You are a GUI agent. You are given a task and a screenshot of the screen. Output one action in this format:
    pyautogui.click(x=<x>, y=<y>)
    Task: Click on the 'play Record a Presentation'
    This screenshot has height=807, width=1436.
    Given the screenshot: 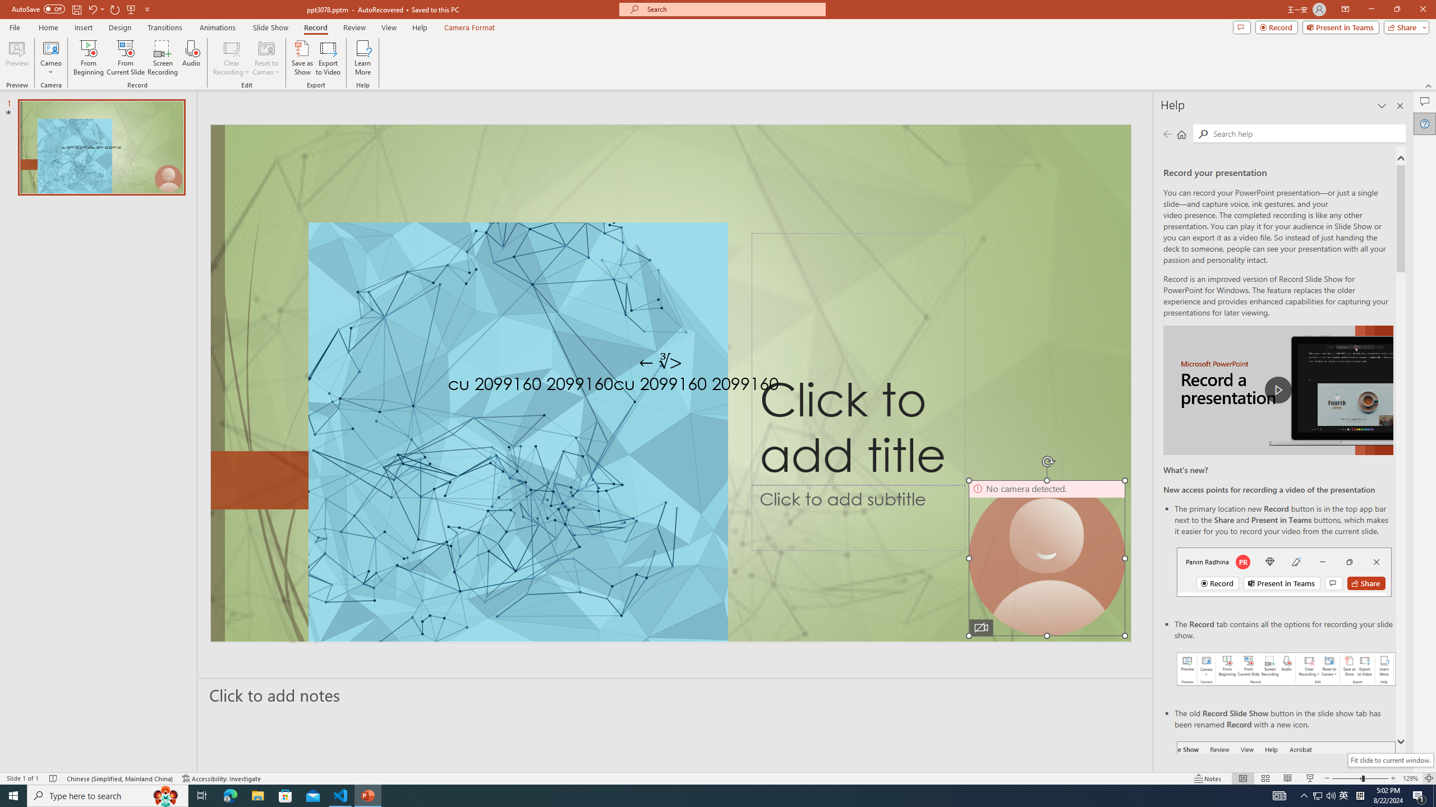 What is the action you would take?
    pyautogui.click(x=1278, y=390)
    